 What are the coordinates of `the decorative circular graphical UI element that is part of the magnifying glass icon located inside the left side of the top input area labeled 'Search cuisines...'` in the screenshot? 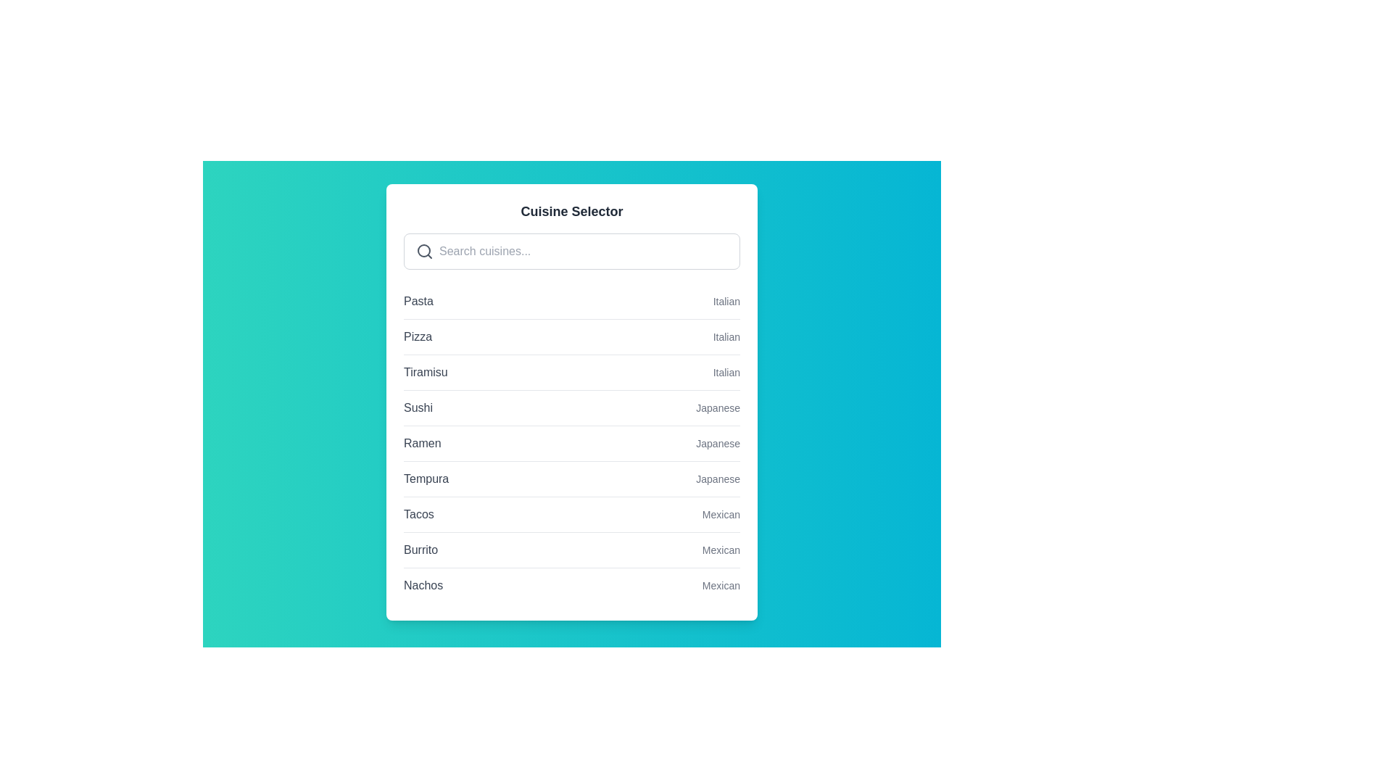 It's located at (423, 250).